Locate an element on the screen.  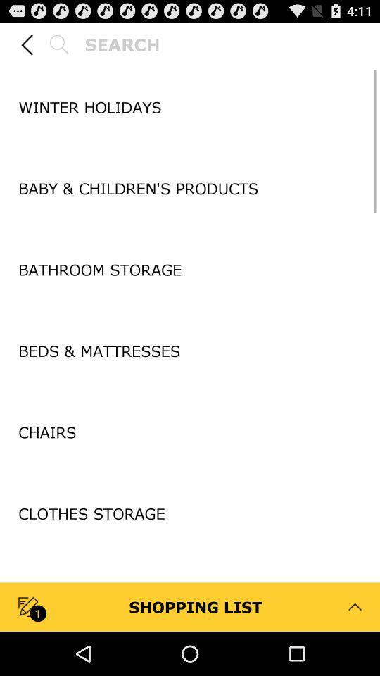
the icon above the cooking icon is located at coordinates (190, 555).